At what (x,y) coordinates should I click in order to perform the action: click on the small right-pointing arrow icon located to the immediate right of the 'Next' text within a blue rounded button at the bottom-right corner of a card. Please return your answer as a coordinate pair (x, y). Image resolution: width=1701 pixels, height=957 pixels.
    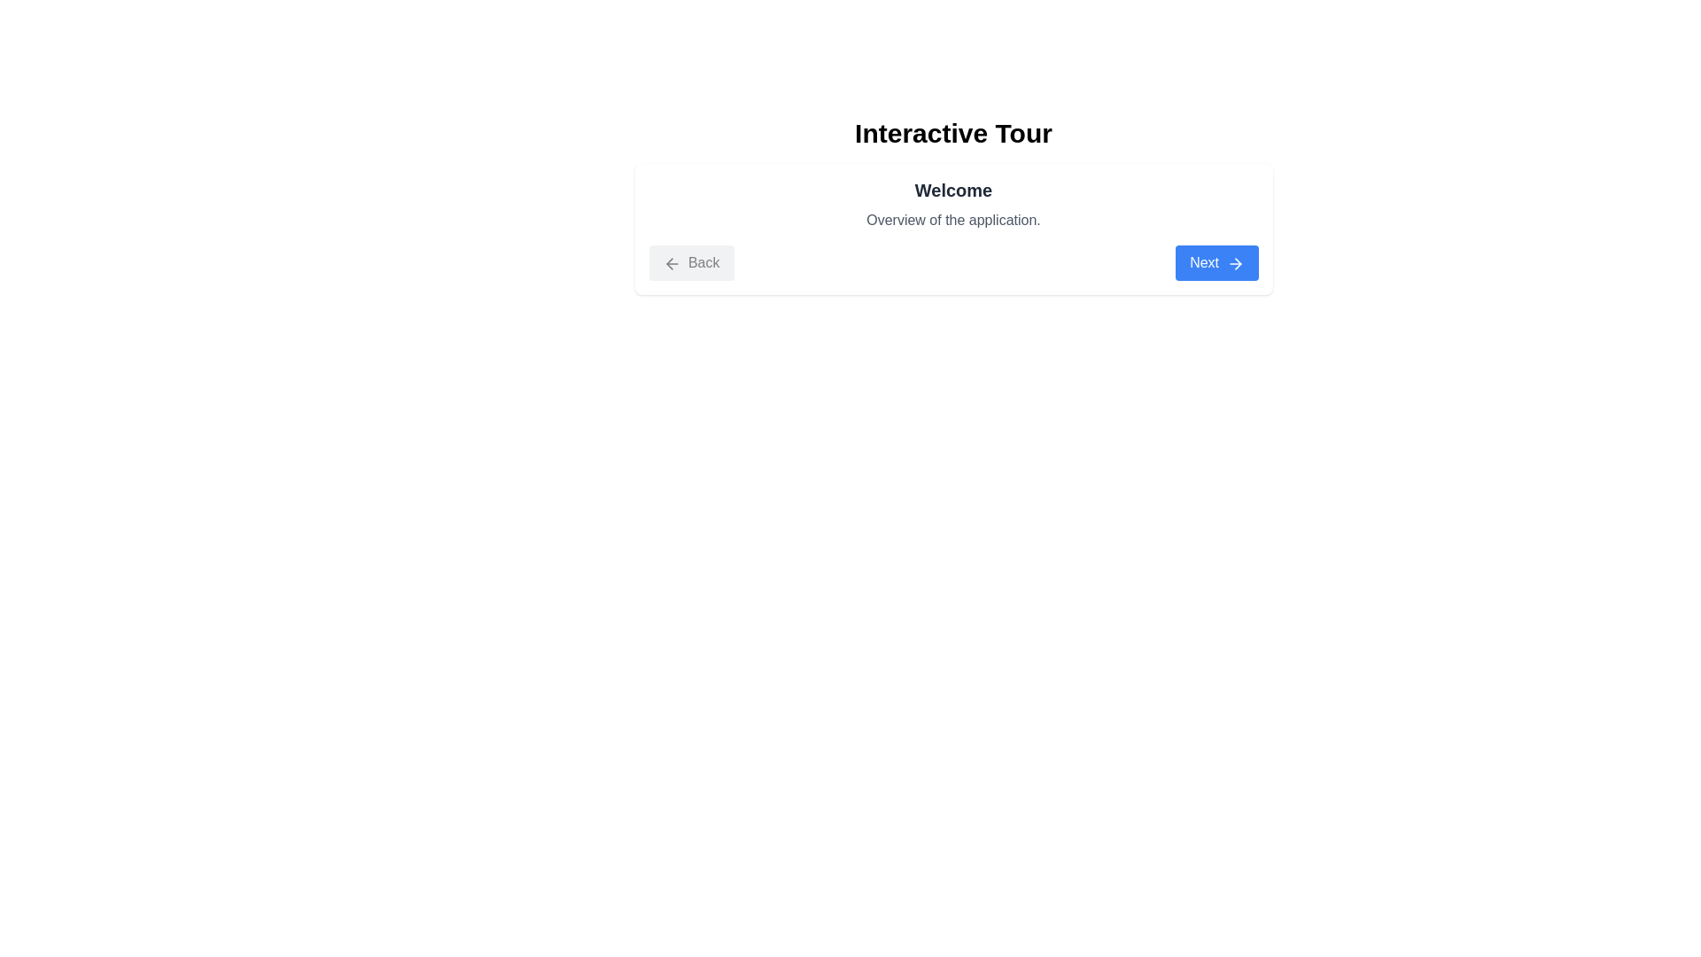
    Looking at the image, I should click on (1234, 263).